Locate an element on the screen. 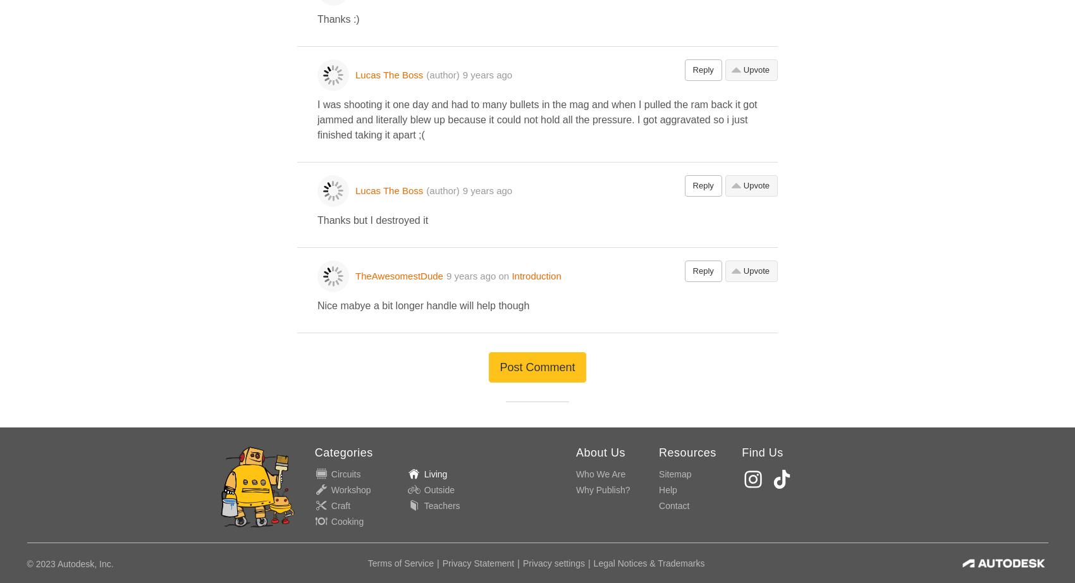  'Craft' is located at coordinates (340, 505).